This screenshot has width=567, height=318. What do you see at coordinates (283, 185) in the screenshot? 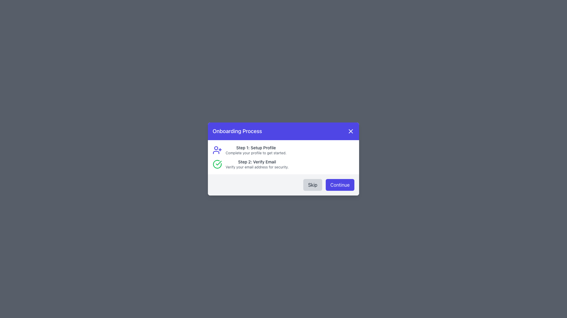
I see `the 'Skip' or 'Continue' button in the Action Panel with Buttons located at the bottom of the modal dialog box labeled 'Onboarding Process'` at bounding box center [283, 185].